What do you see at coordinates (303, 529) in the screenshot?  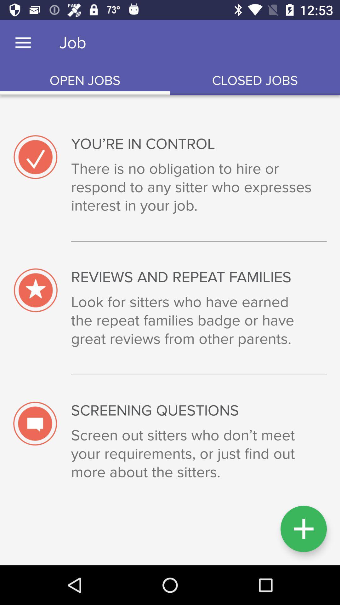 I see `button to add something` at bounding box center [303, 529].